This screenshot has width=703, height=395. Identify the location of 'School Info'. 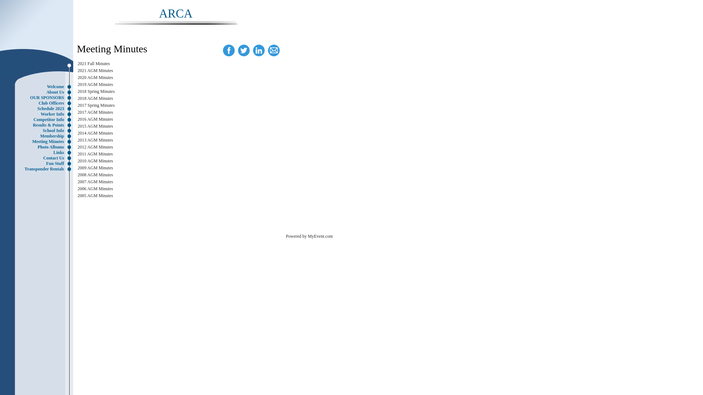
(38, 130).